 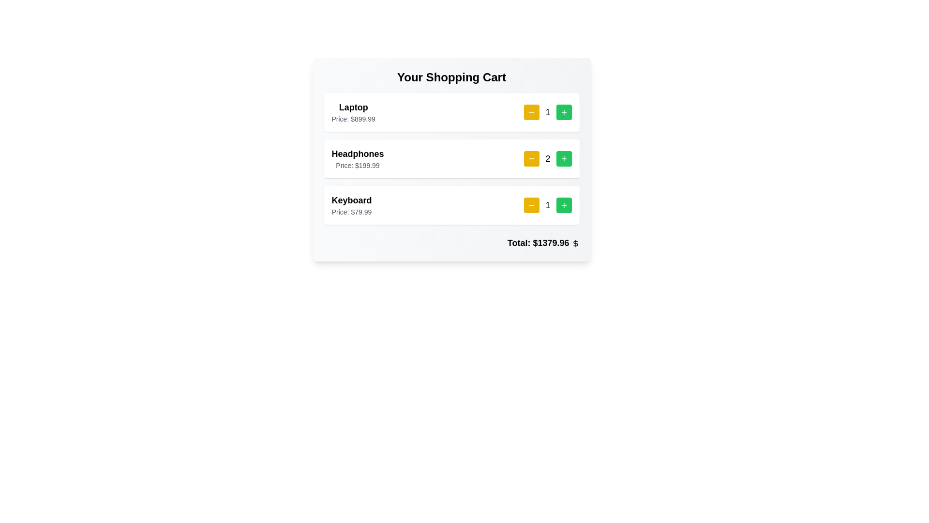 I want to click on the increase quantity button for the item with name Keyboard, so click(x=564, y=205).